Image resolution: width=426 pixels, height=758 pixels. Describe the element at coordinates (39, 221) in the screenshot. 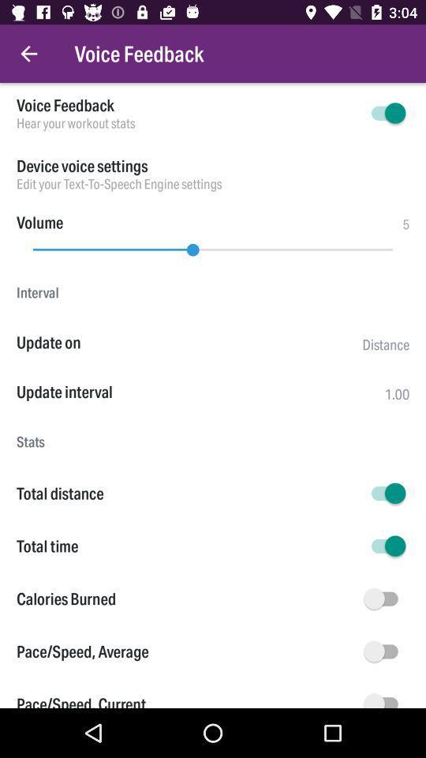

I see `item to the left of the 5 icon` at that location.